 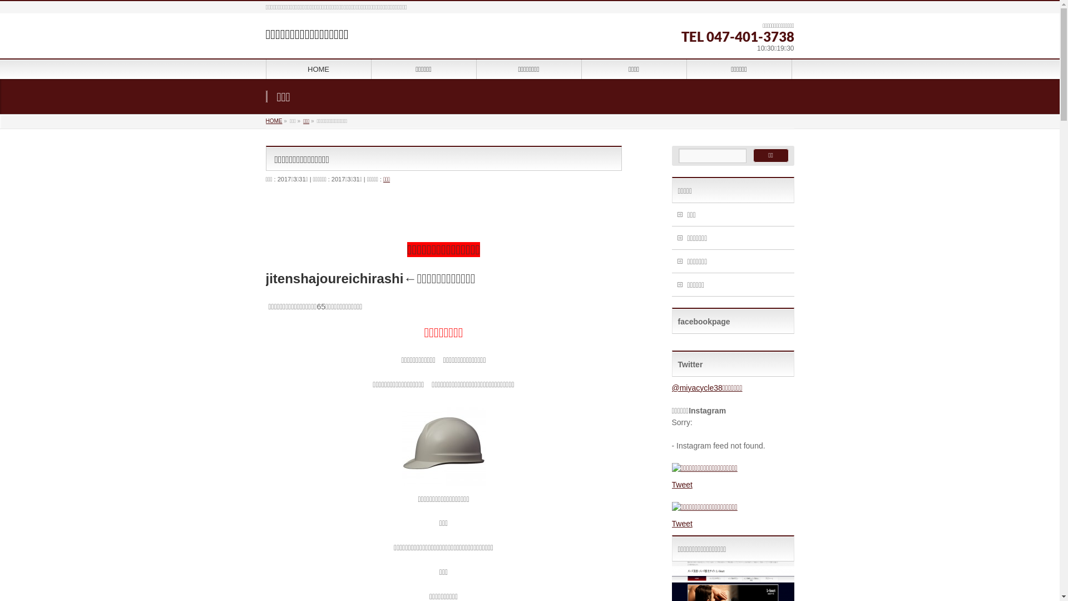 What do you see at coordinates (681, 524) in the screenshot?
I see `'Tweet'` at bounding box center [681, 524].